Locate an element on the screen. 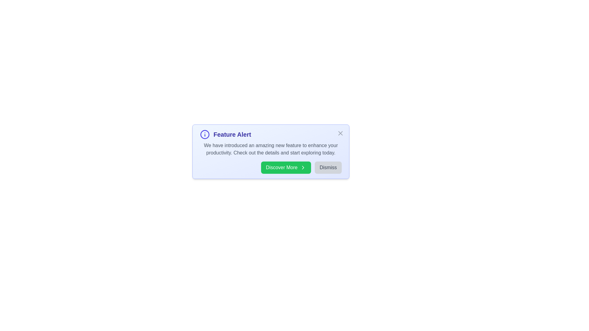  'Discover More' button to explore details is located at coordinates (285, 168).